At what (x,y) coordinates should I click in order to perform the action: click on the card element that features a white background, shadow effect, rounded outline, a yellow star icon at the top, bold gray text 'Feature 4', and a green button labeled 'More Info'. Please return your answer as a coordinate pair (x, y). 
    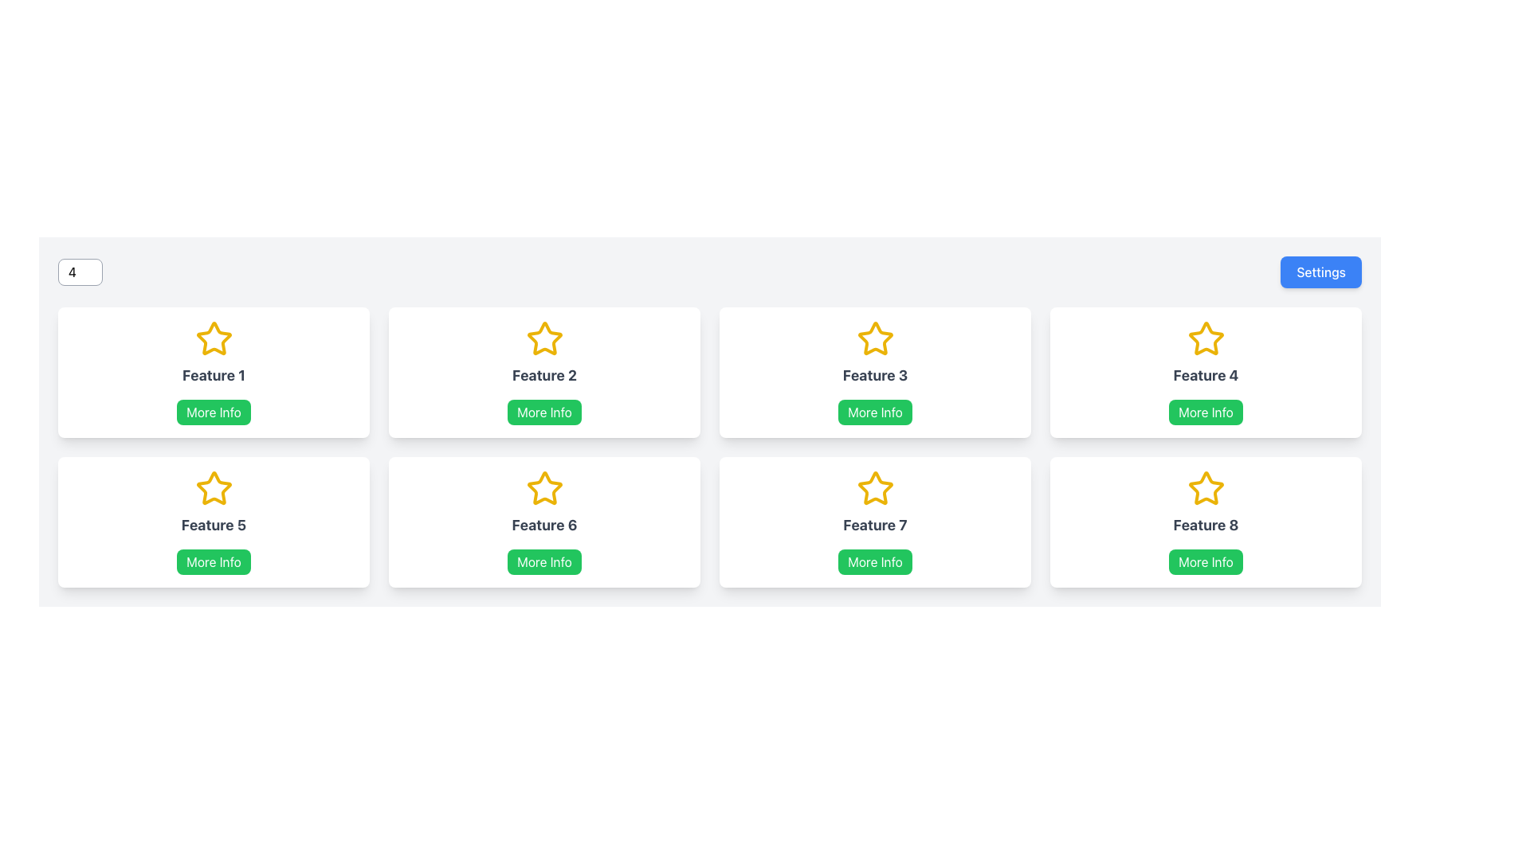
    Looking at the image, I should click on (1206, 372).